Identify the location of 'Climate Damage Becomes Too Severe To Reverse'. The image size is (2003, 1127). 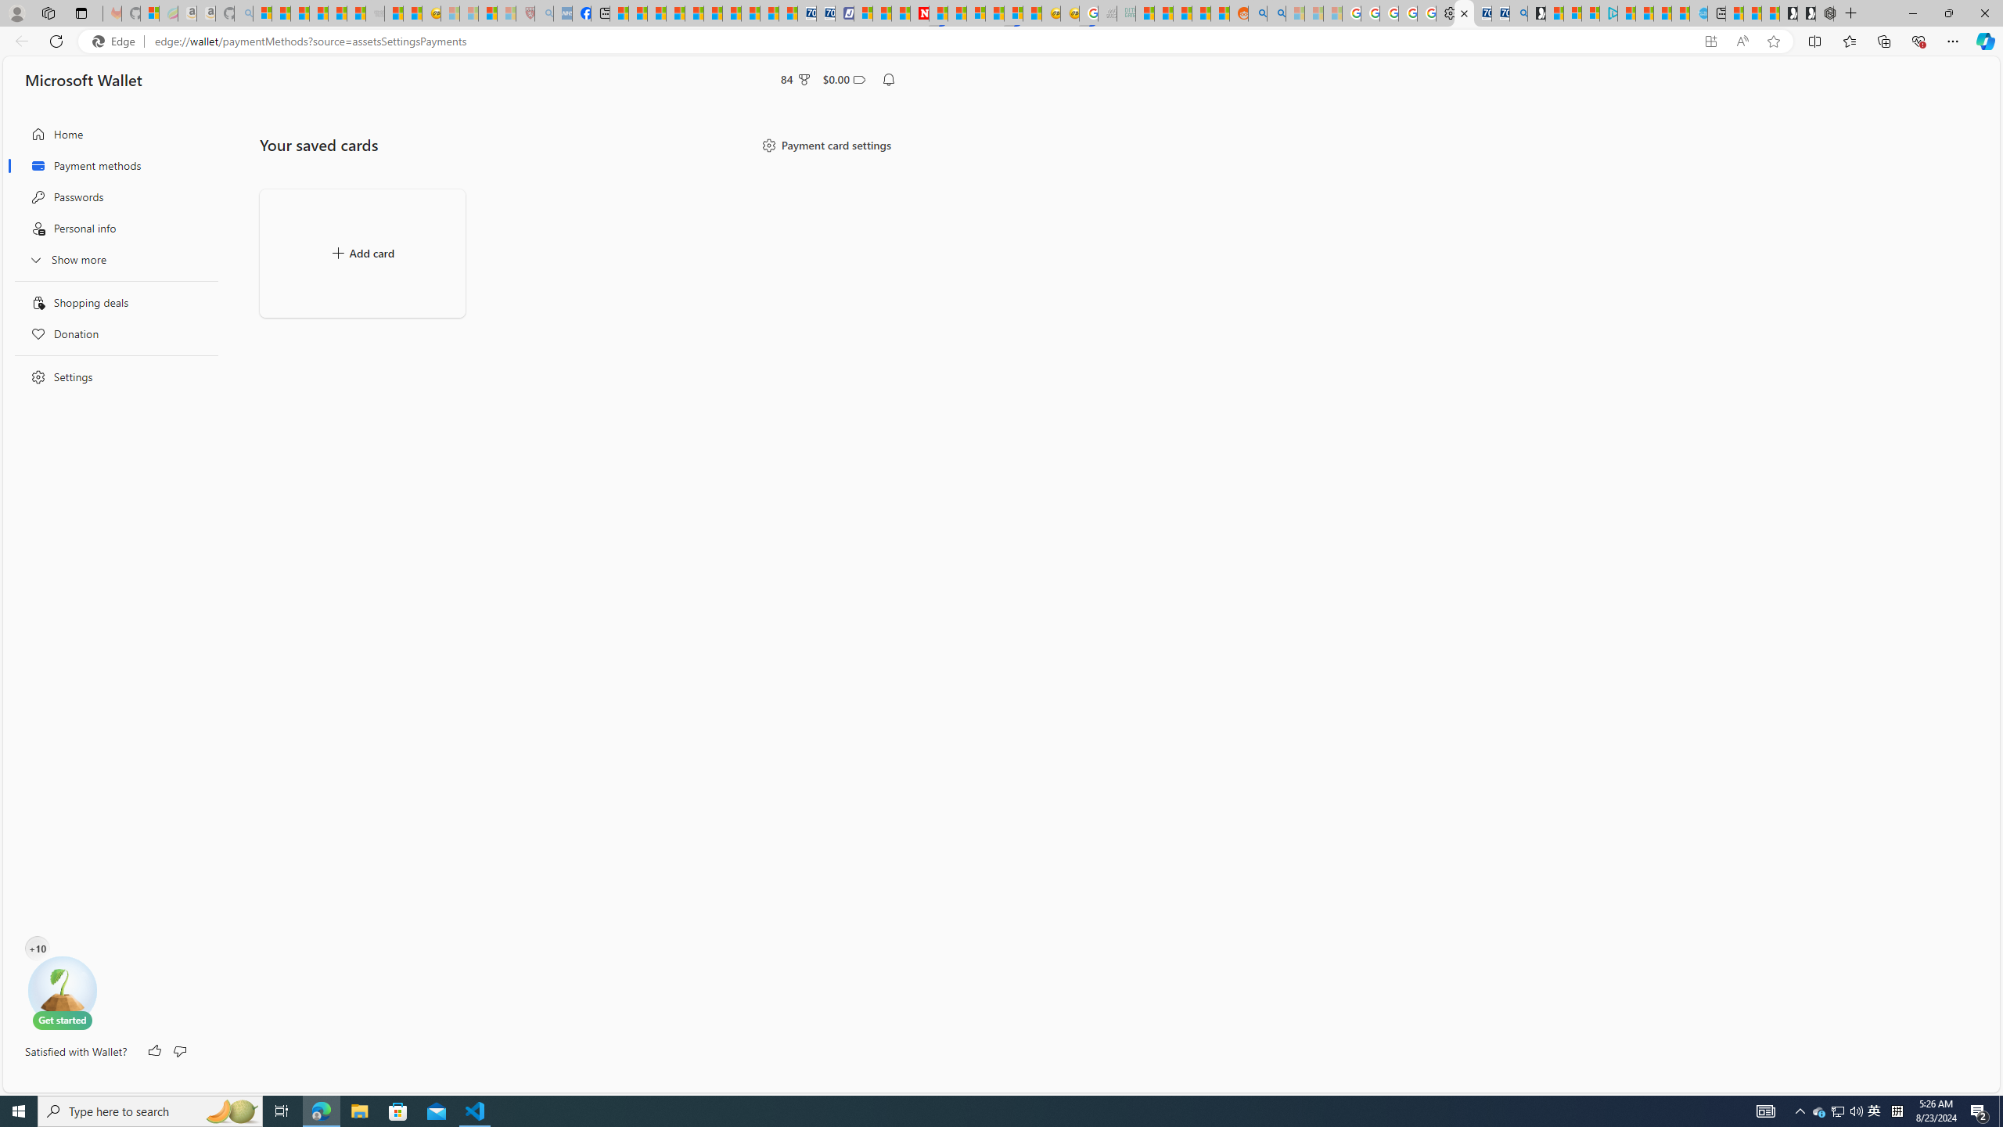
(674, 13).